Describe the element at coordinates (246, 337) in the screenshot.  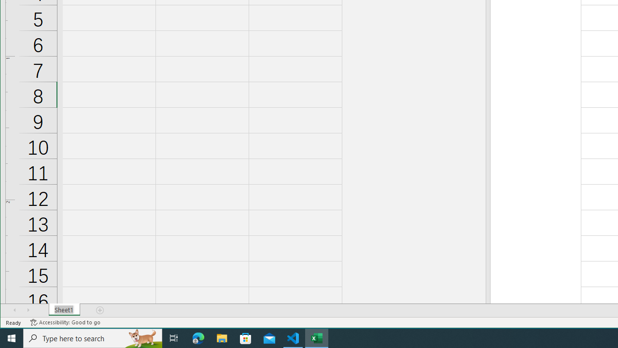
I see `'Microsoft Store'` at that location.